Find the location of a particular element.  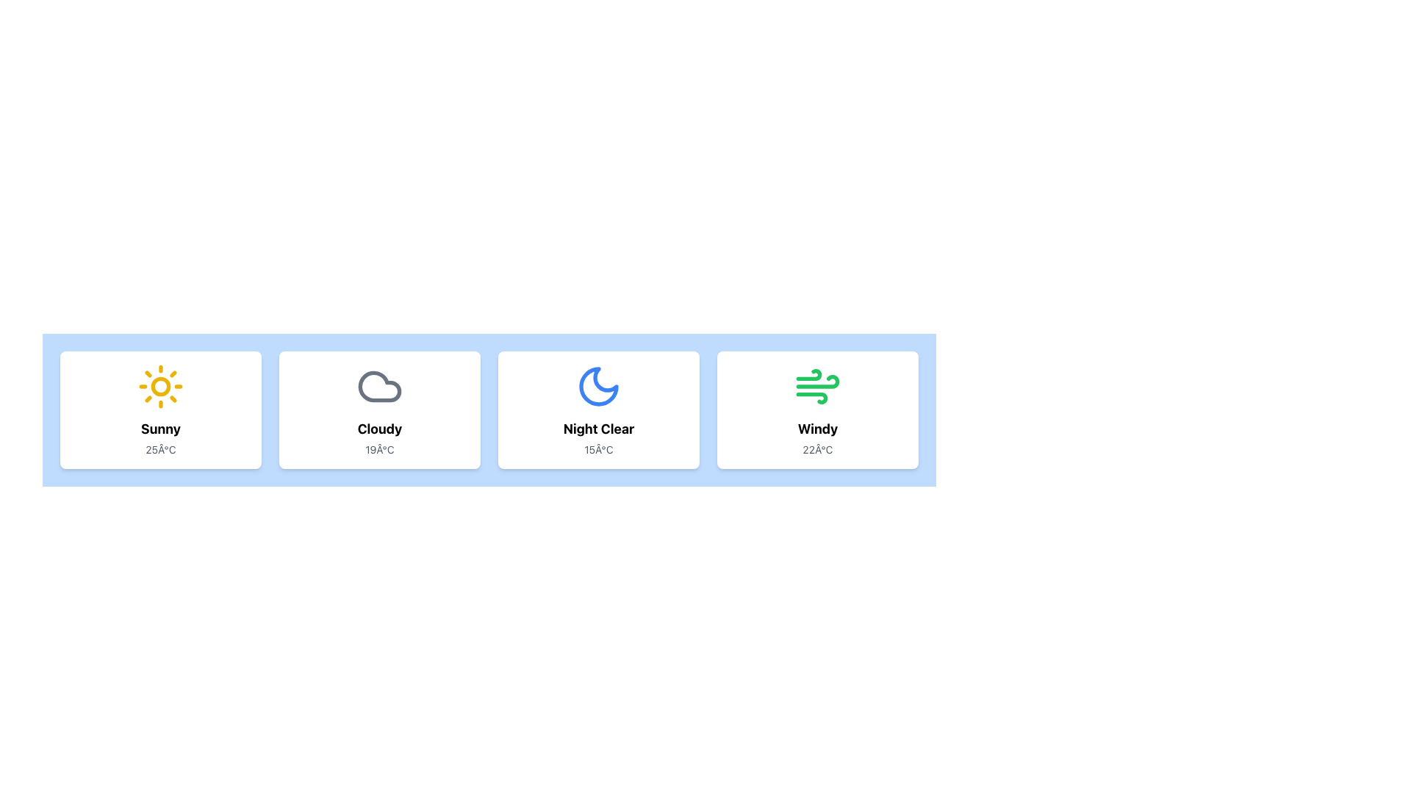

the Text Label displaying the current weather condition 'Cloudy', which is the third element in the weather forecast card, positioned below the cloud icon and above the temperature text '19°C' is located at coordinates (380, 429).